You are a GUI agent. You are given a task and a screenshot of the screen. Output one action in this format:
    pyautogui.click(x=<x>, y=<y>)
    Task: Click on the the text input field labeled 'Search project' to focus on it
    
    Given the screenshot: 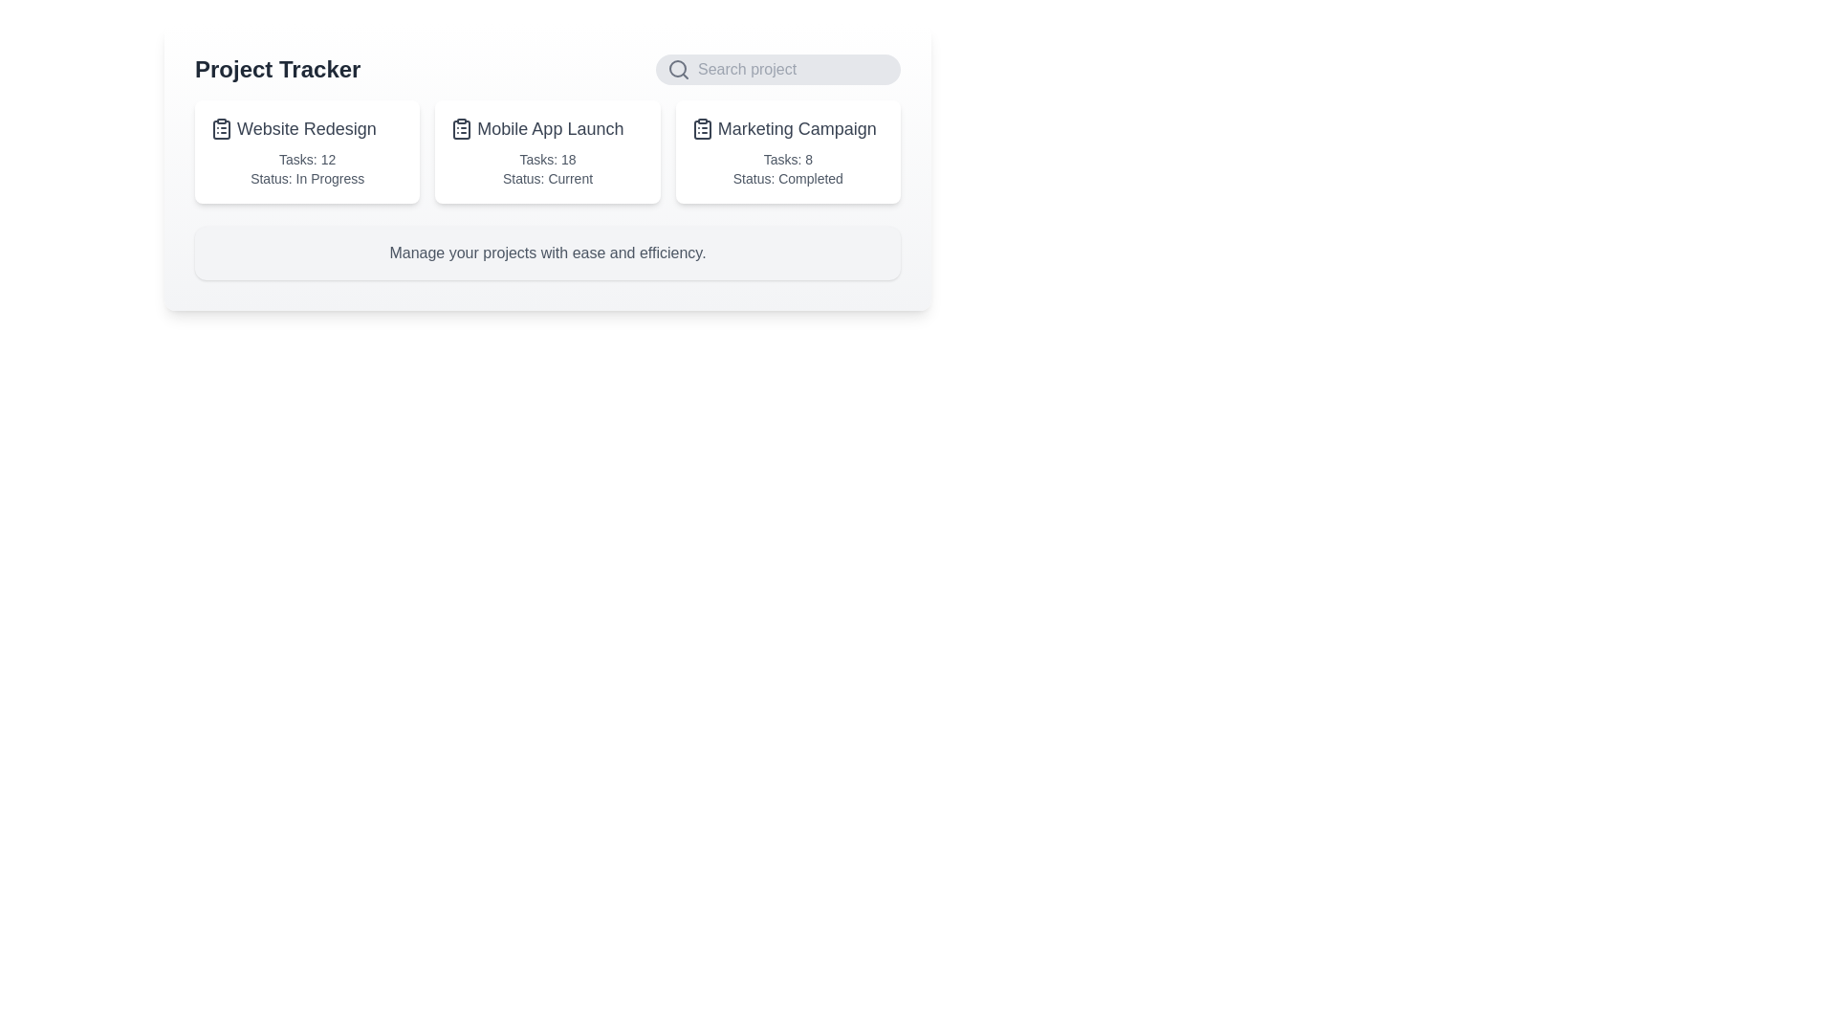 What is the action you would take?
    pyautogui.click(x=794, y=69)
    